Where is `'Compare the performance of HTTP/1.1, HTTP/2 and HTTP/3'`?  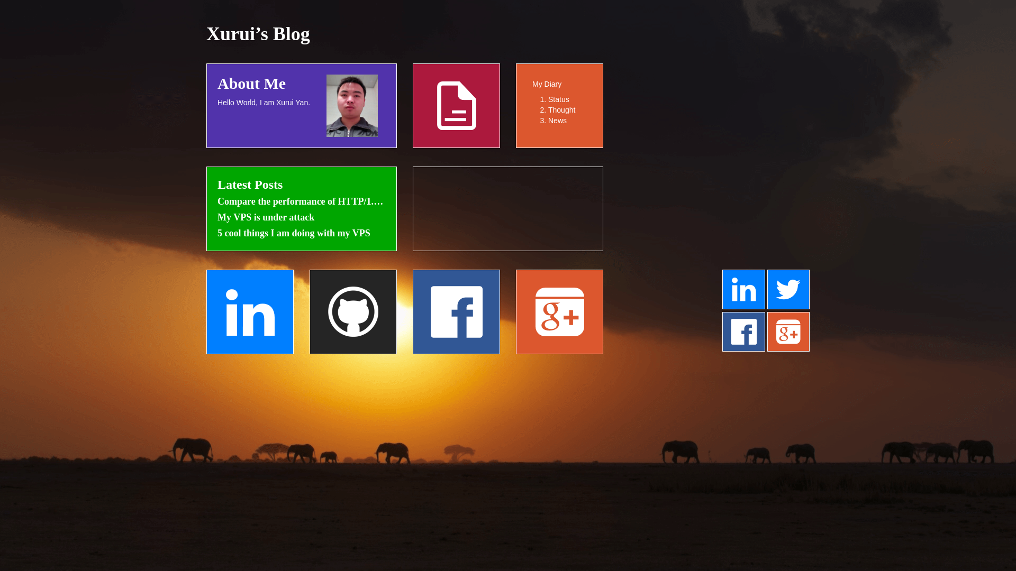
'Compare the performance of HTTP/1.1, HTTP/2 and HTTP/3' is located at coordinates (301, 201).